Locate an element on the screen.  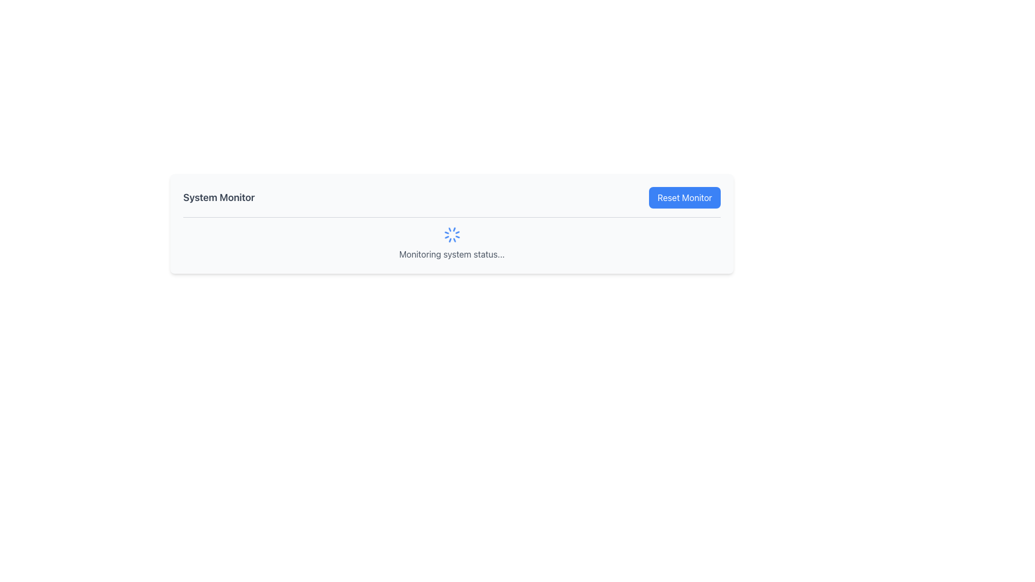
the loading spinner located at the center of the status card, which indicates an ongoing process is located at coordinates (452, 234).